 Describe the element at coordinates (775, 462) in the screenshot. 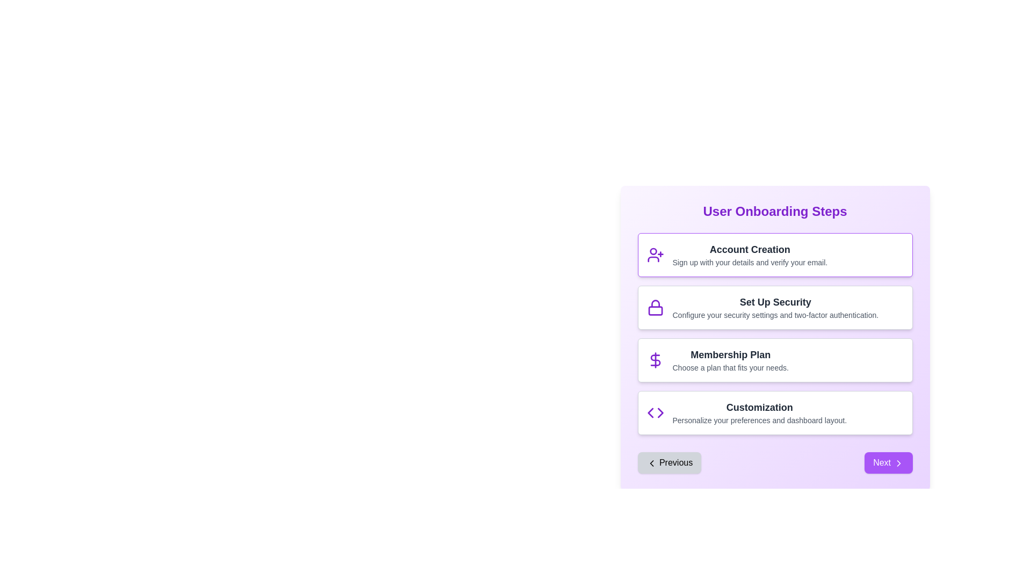

I see `the Navigation Button Group located at the bottom of the 'User Onboarding Steps' panel` at that location.